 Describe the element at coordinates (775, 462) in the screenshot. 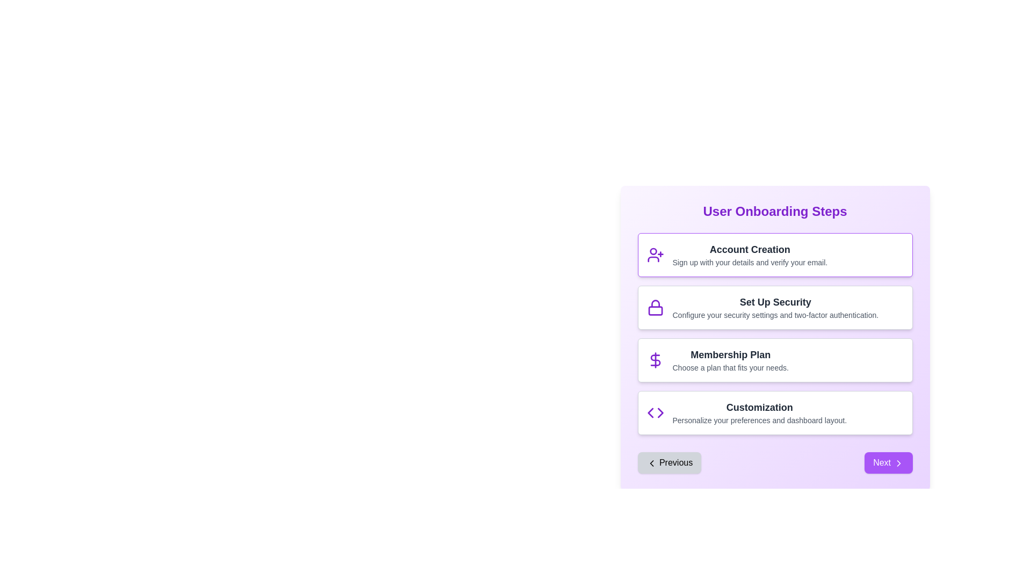

I see `the Navigation Button Group located at the bottom of the 'User Onboarding Steps' panel` at that location.